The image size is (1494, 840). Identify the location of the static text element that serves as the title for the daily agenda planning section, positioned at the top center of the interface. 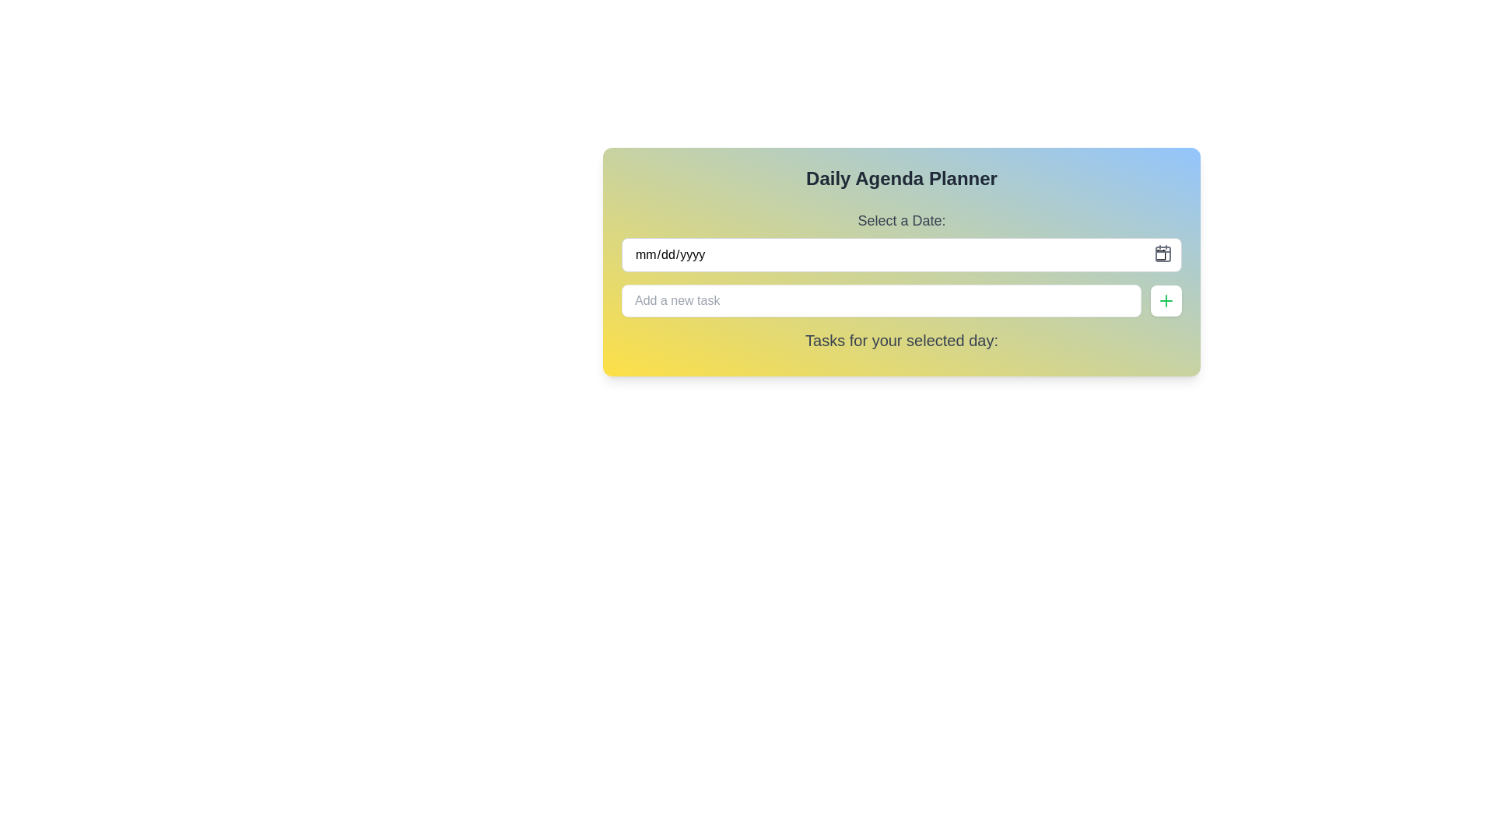
(901, 178).